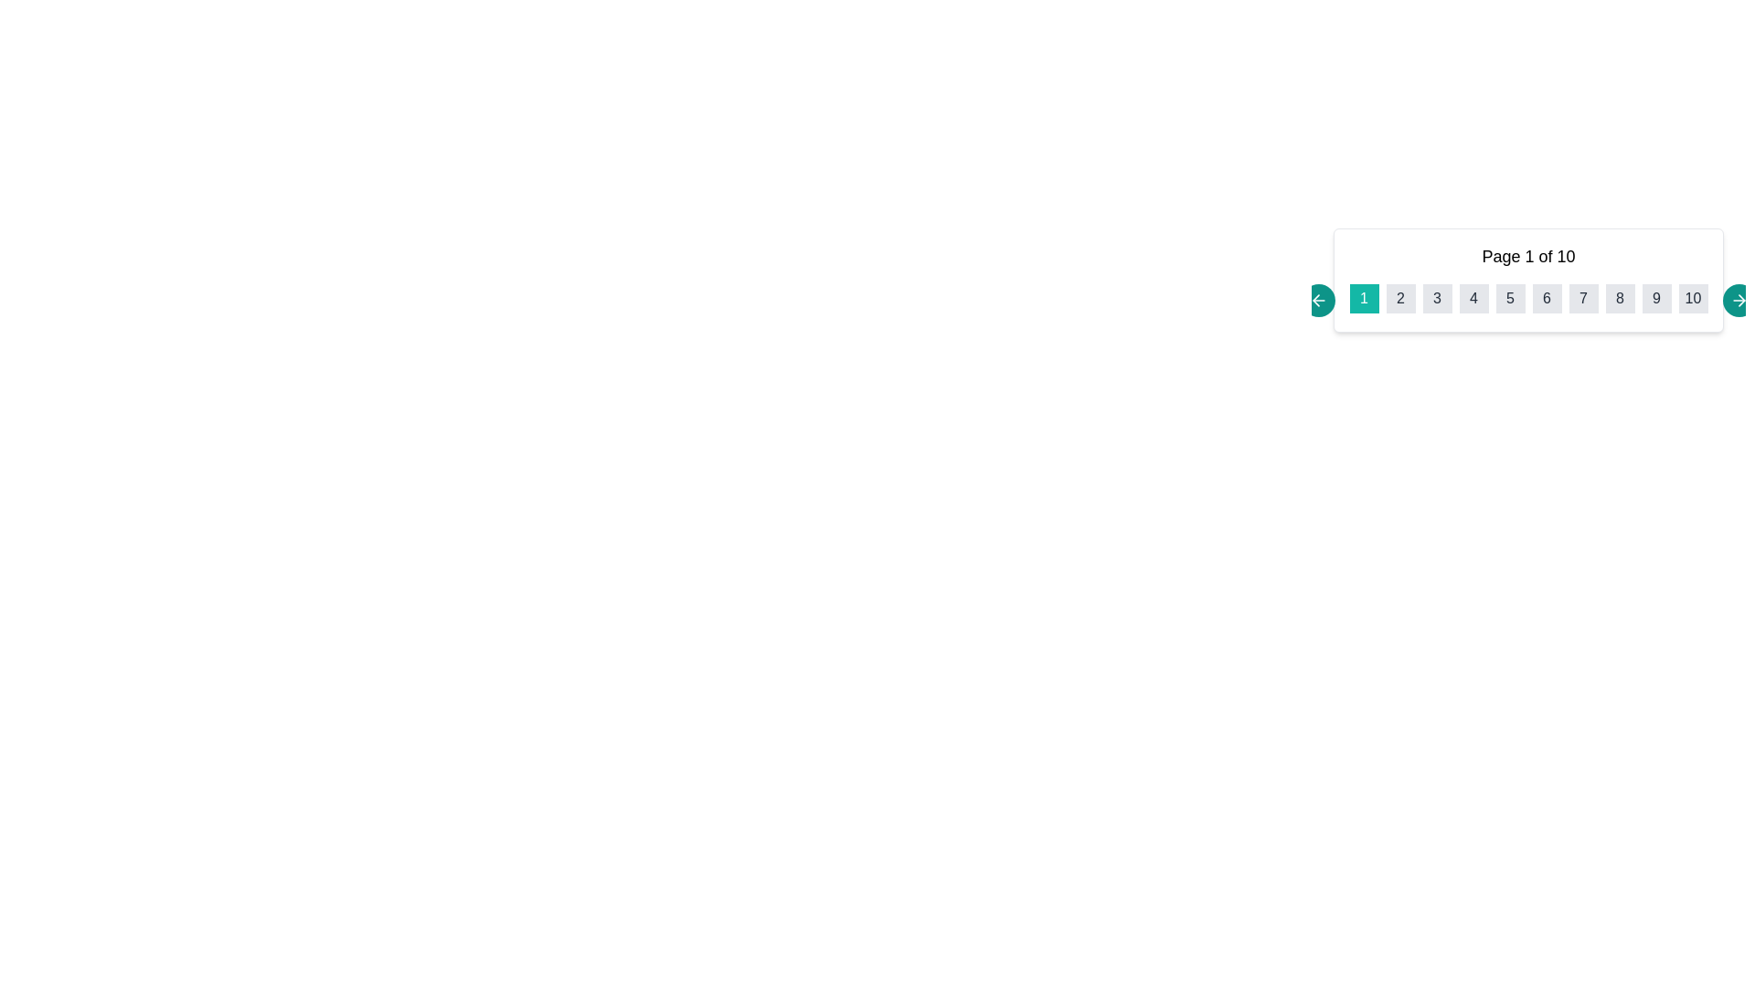 Image resolution: width=1755 pixels, height=987 pixels. Describe the element at coordinates (1364, 298) in the screenshot. I see `the teal button labeled '1' using keyboard navigation` at that location.